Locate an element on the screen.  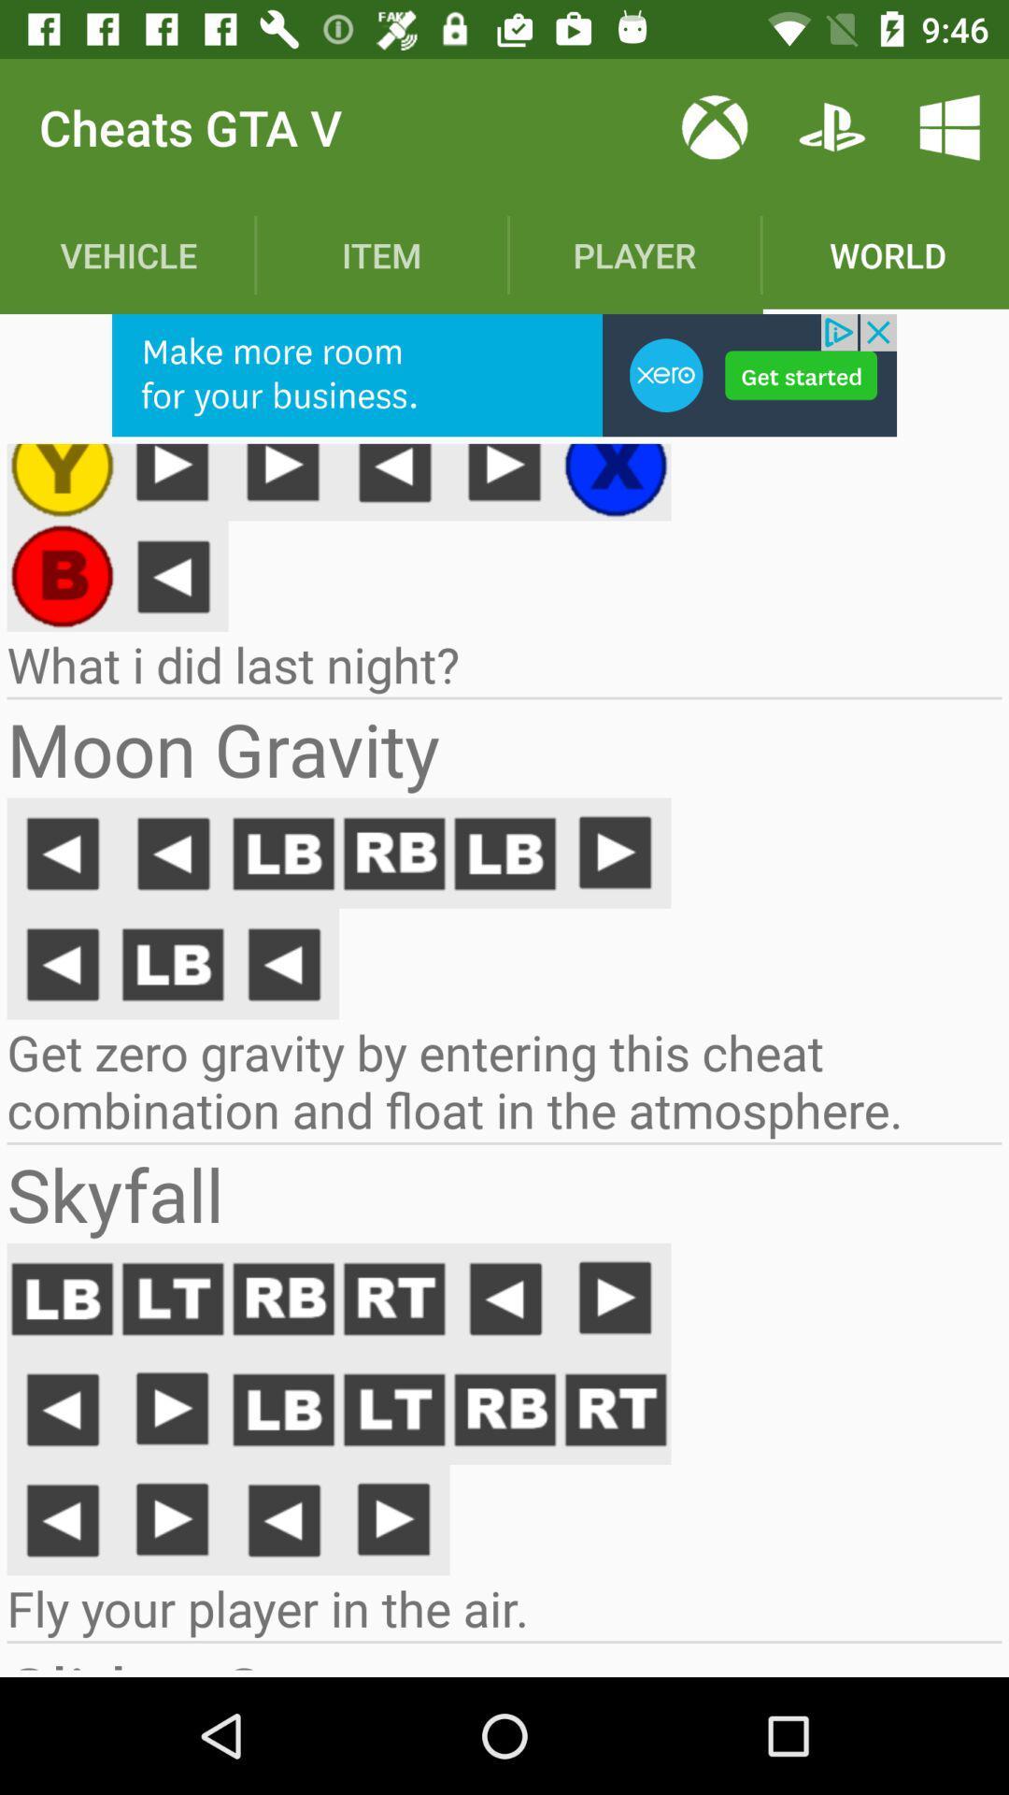
advertisement is located at coordinates (504, 374).